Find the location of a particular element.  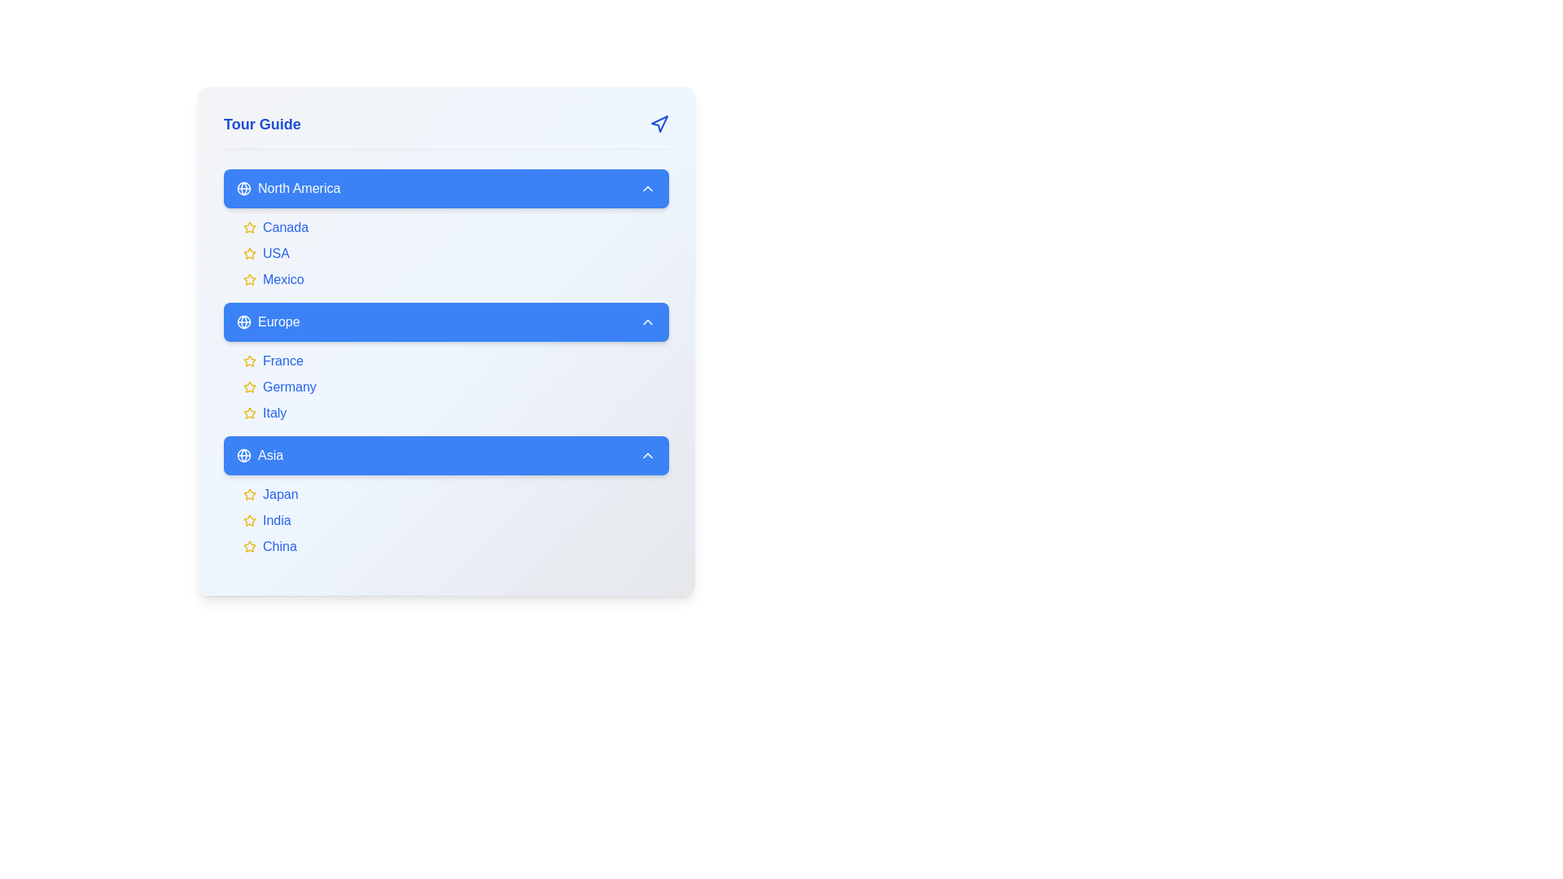

the star icon located to the left of the label 'Japan' is located at coordinates (249, 494).